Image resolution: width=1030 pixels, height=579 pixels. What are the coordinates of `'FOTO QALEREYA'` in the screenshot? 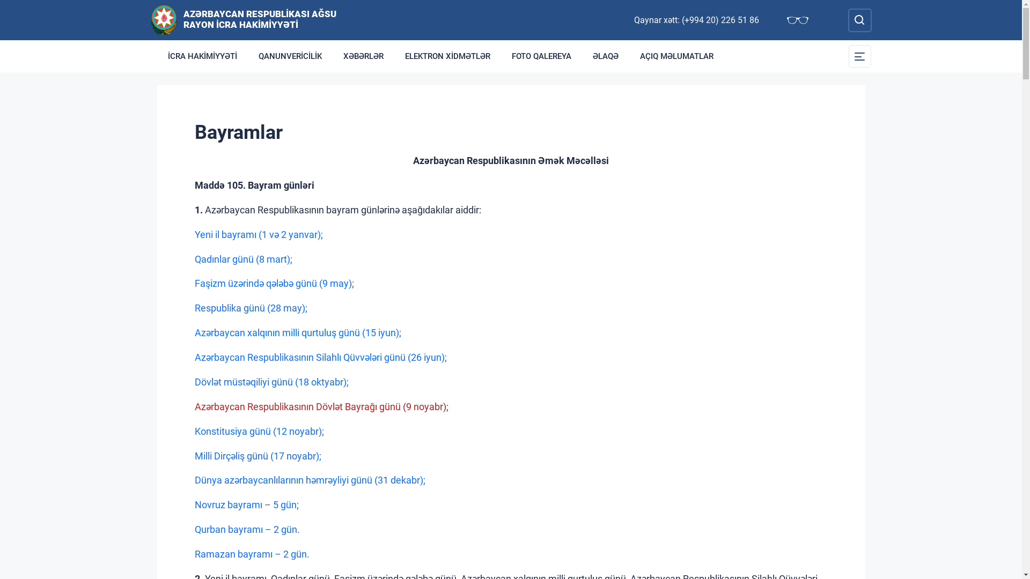 It's located at (541, 56).